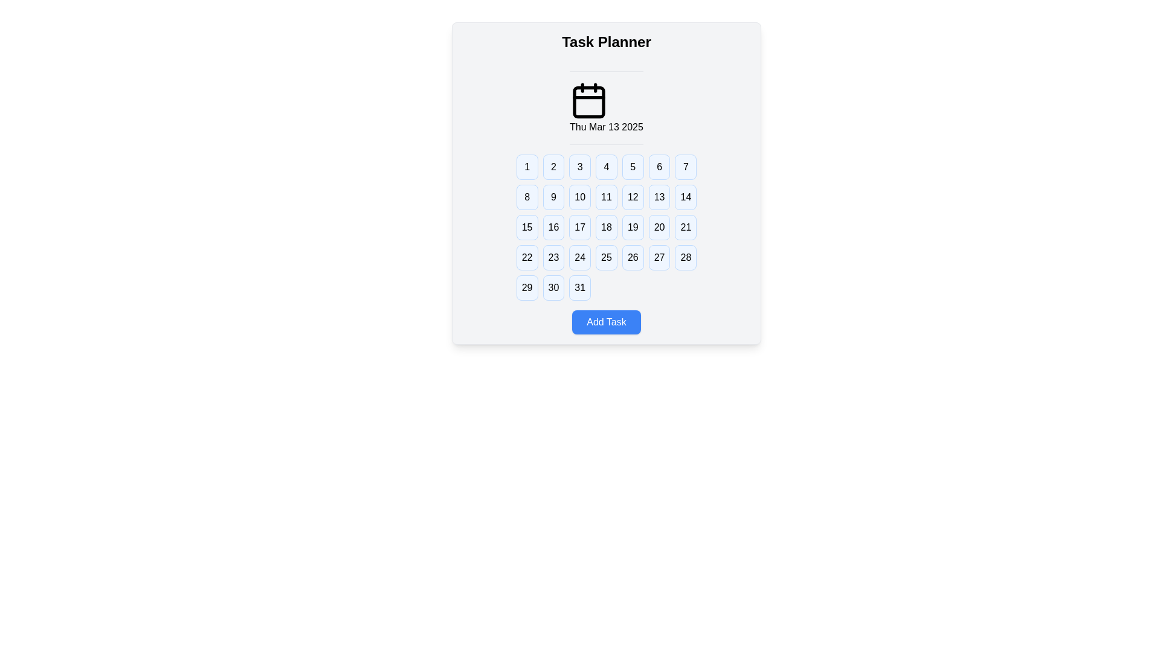 This screenshot has width=1160, height=652. Describe the element at coordinates (580, 197) in the screenshot. I see `the selectable calendar day cell representing the 10th day of the month for extended selection options` at that location.